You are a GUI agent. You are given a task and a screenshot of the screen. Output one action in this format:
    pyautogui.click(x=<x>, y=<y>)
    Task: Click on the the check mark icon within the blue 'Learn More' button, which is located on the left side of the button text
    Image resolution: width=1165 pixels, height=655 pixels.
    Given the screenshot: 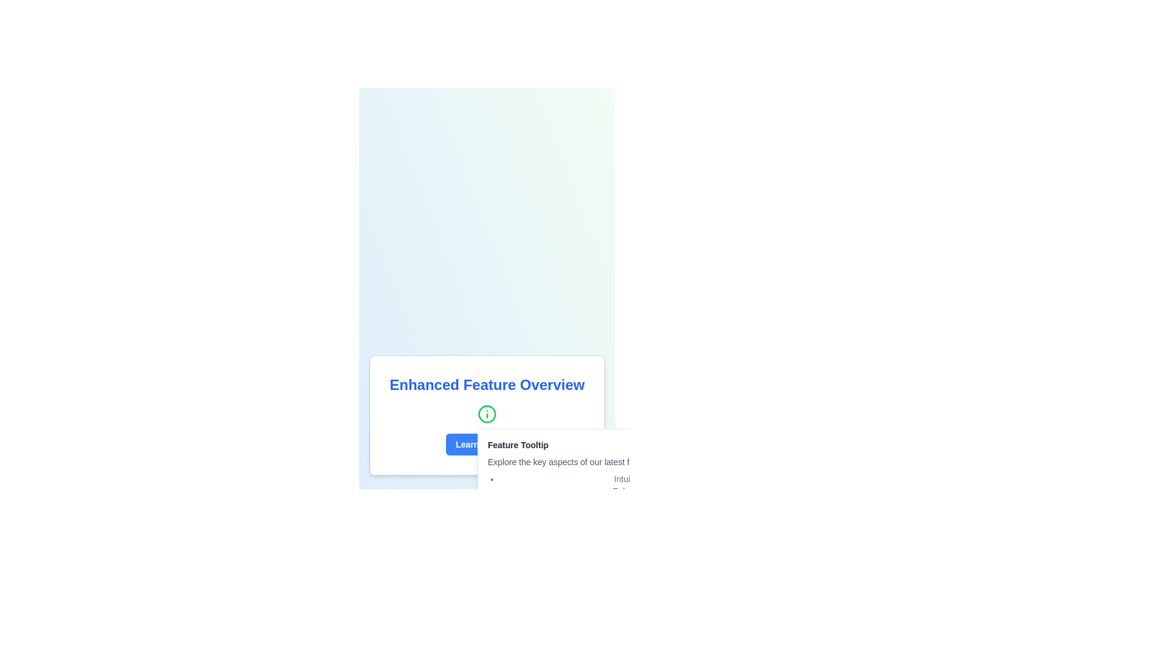 What is the action you would take?
    pyautogui.click(x=512, y=444)
    